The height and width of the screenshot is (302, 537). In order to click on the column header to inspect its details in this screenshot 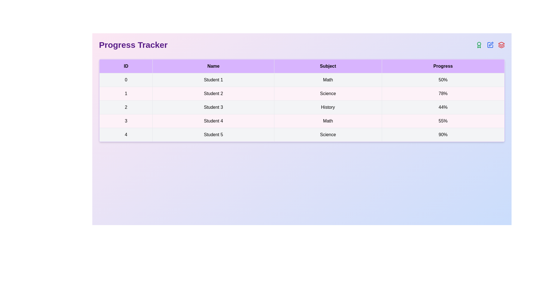, I will do `click(213, 66)`.